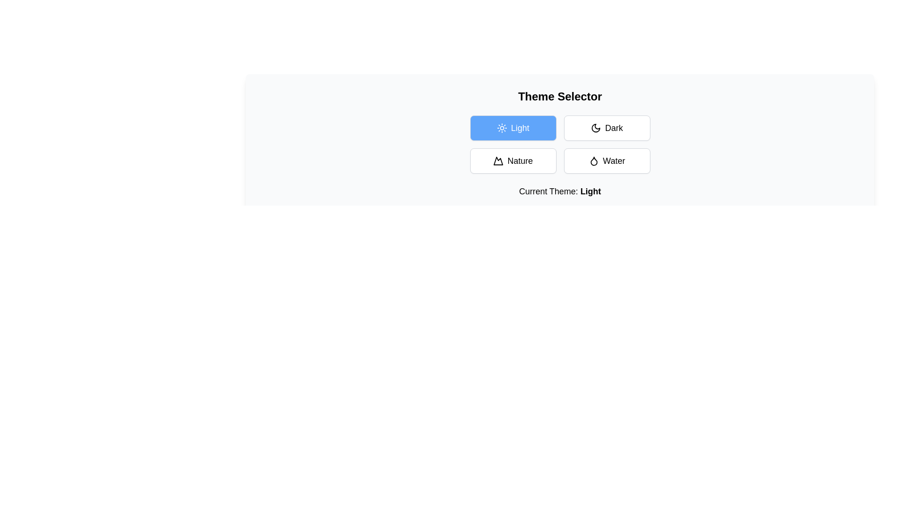 The height and width of the screenshot is (507, 901). Describe the element at coordinates (512, 128) in the screenshot. I see `the 'Light' theme toggle button to observe its hover effects` at that location.